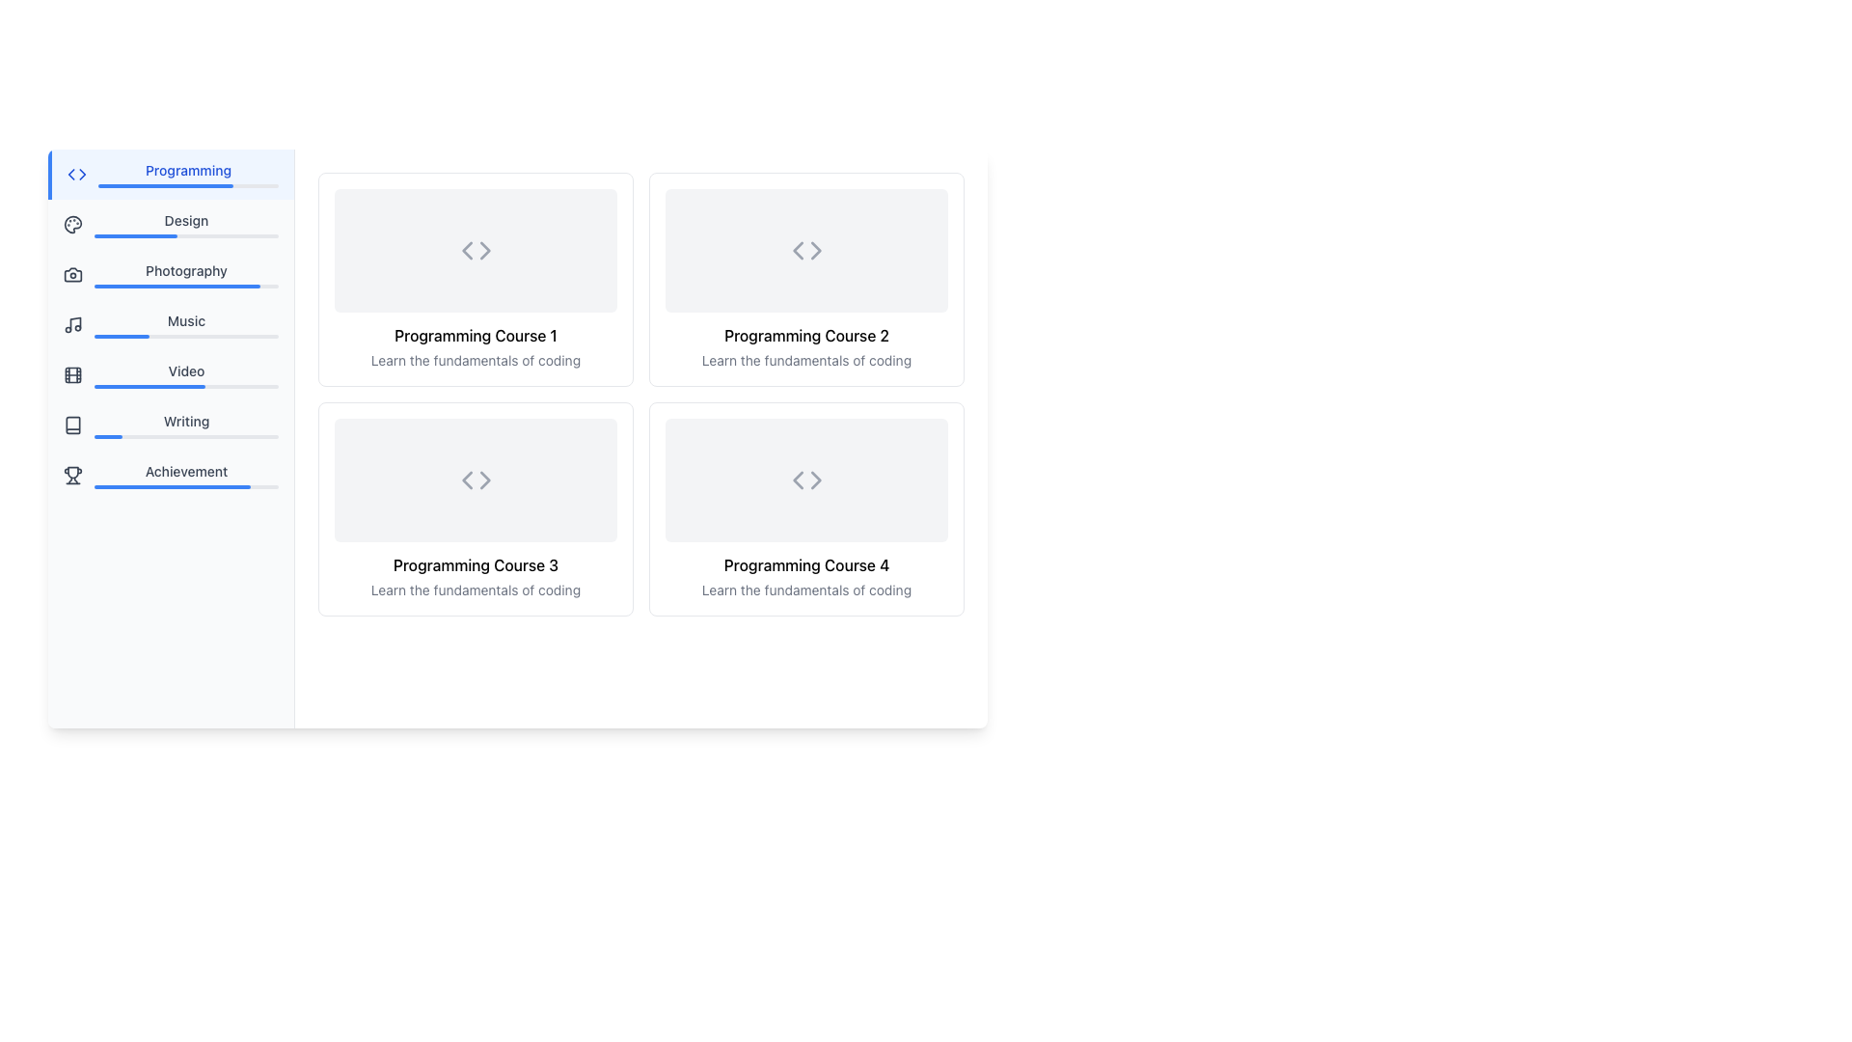 The width and height of the screenshot is (1852, 1042). Describe the element at coordinates (806, 479) in the screenshot. I see `the coding-related feature icon located in the second row, second column of the course grid, which is associated with the 'Programming Course 4' label` at that location.